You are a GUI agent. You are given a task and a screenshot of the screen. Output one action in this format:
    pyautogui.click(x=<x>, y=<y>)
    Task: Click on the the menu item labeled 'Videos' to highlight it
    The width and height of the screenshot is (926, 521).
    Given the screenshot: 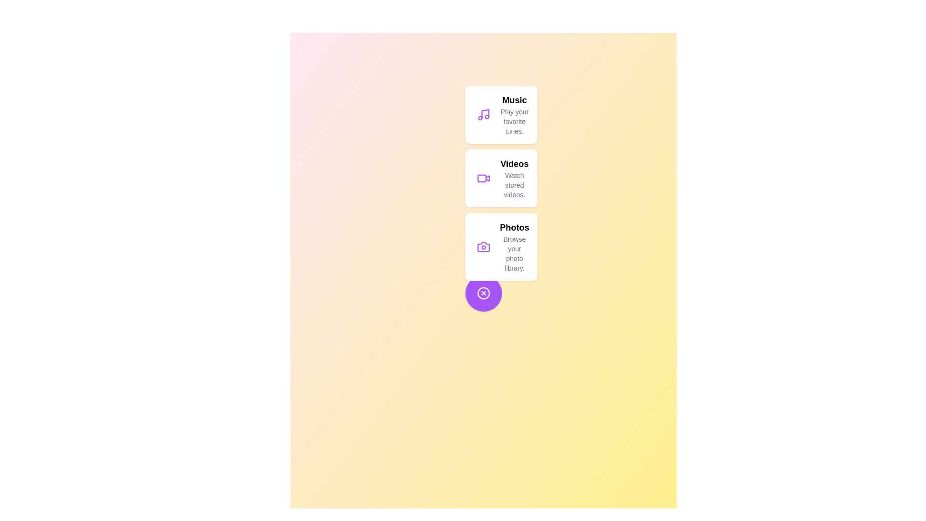 What is the action you would take?
    pyautogui.click(x=501, y=178)
    